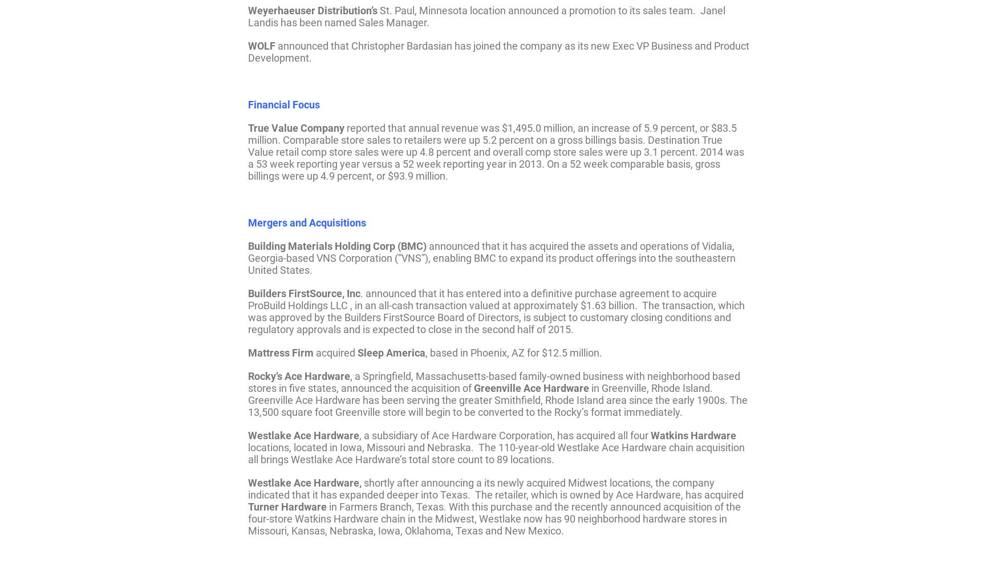  I want to click on 'Westlake Ace Hardware', so click(303, 434).